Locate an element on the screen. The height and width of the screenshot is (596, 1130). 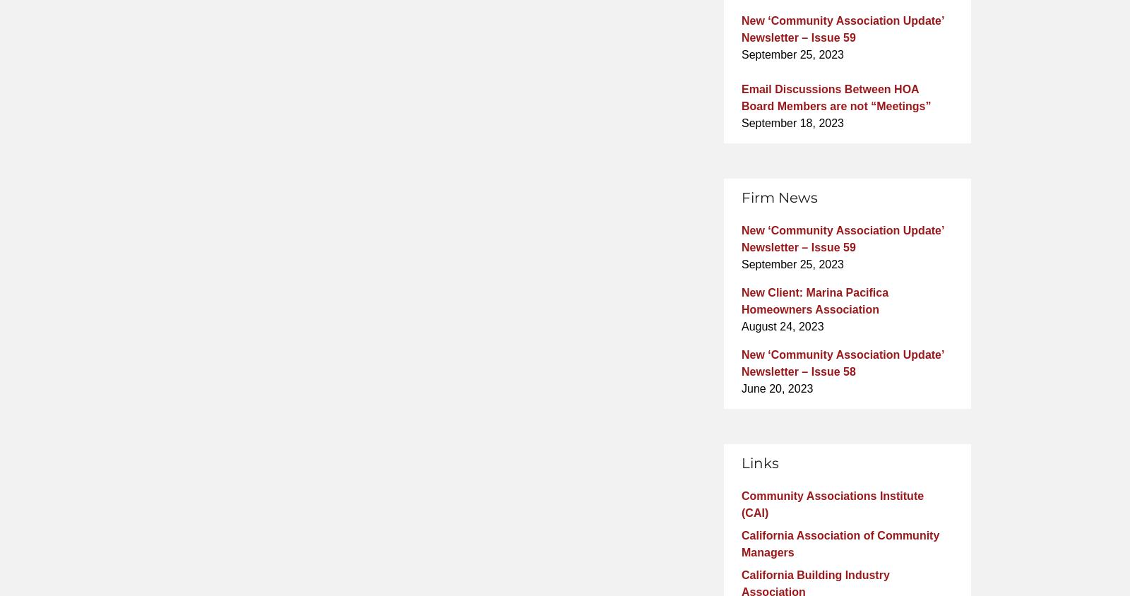
'Email Discussions Between HOA Board Members are not “Meetings”' is located at coordinates (836, 97).